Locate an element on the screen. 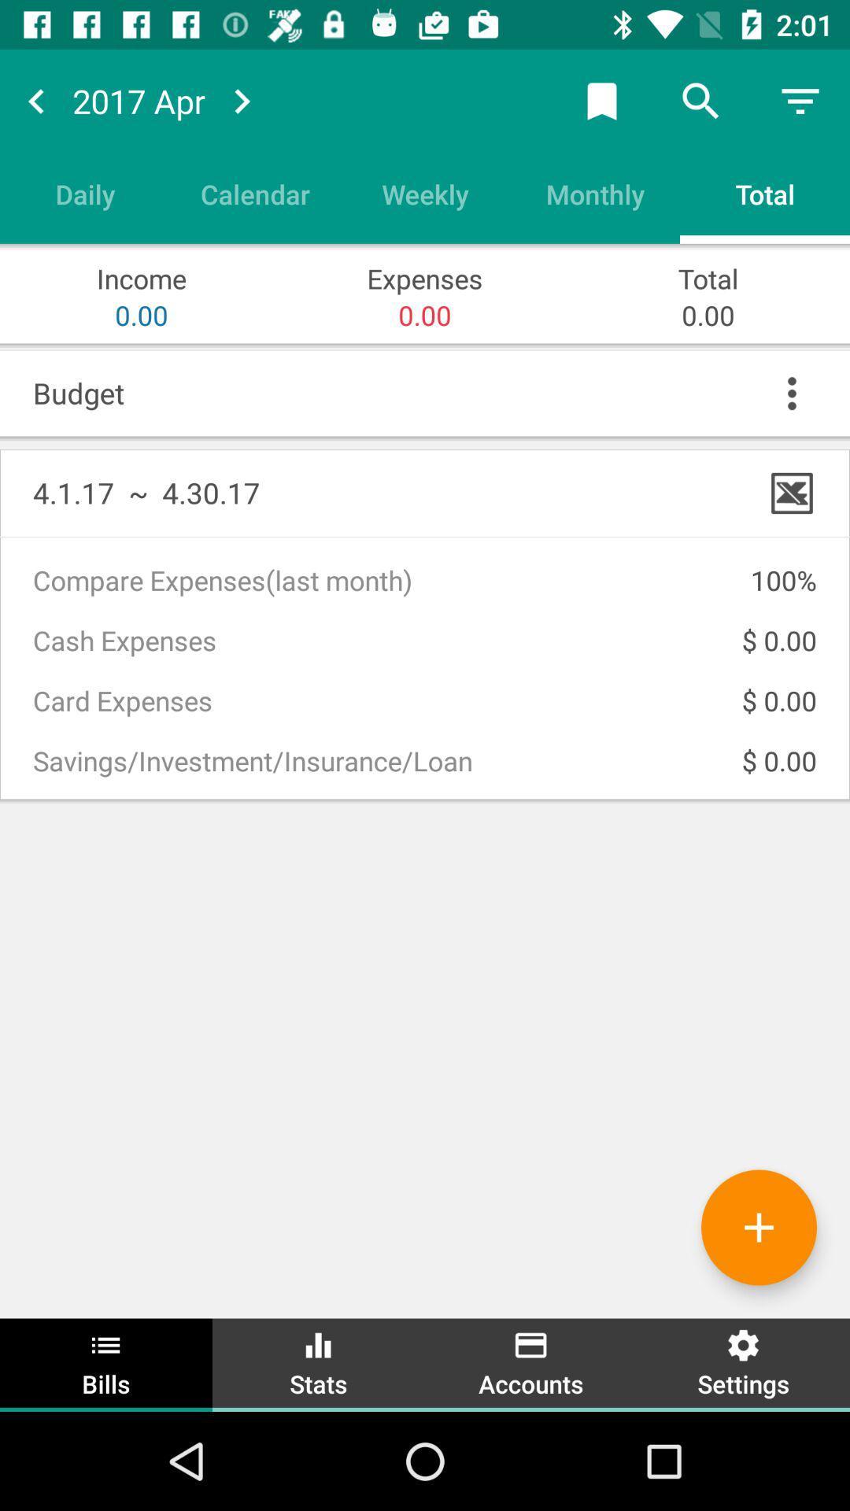 The image size is (850, 1511). more button is located at coordinates (792, 393).